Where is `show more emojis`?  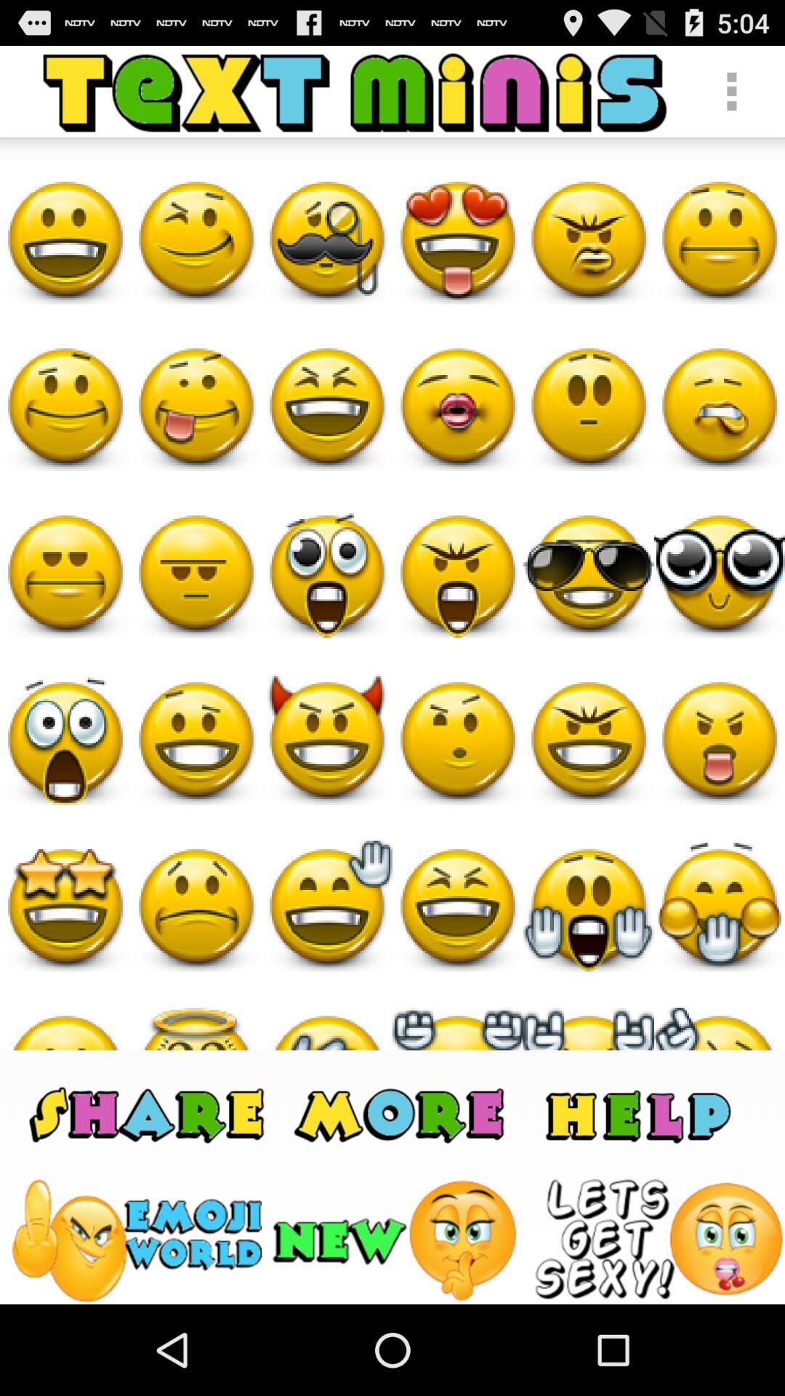
show more emojis is located at coordinates (402, 1112).